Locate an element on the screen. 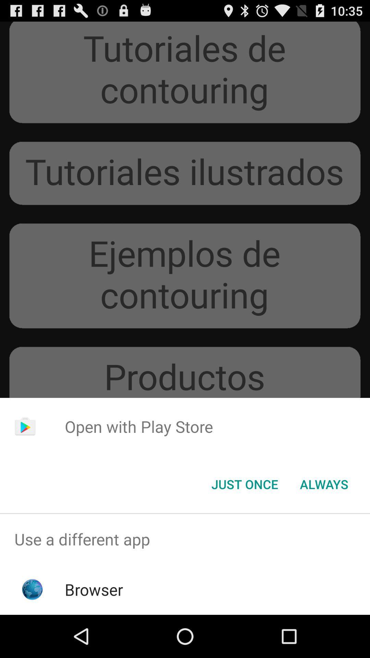 The image size is (370, 658). always item is located at coordinates (324, 484).